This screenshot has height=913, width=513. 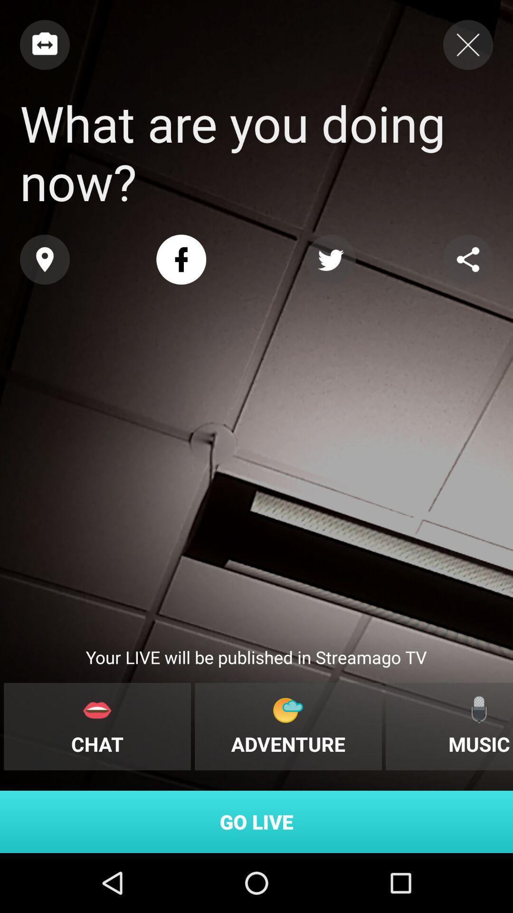 What do you see at coordinates (467, 260) in the screenshot?
I see `share` at bounding box center [467, 260].